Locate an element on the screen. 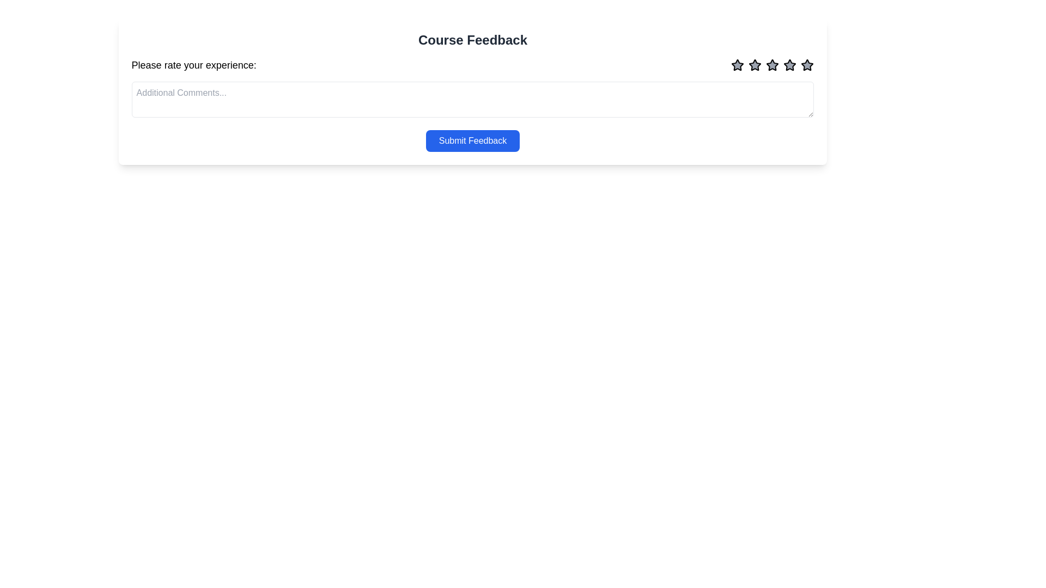  the fourth star in the horizontal group of six stars to rate the item or service is located at coordinates (772, 65).